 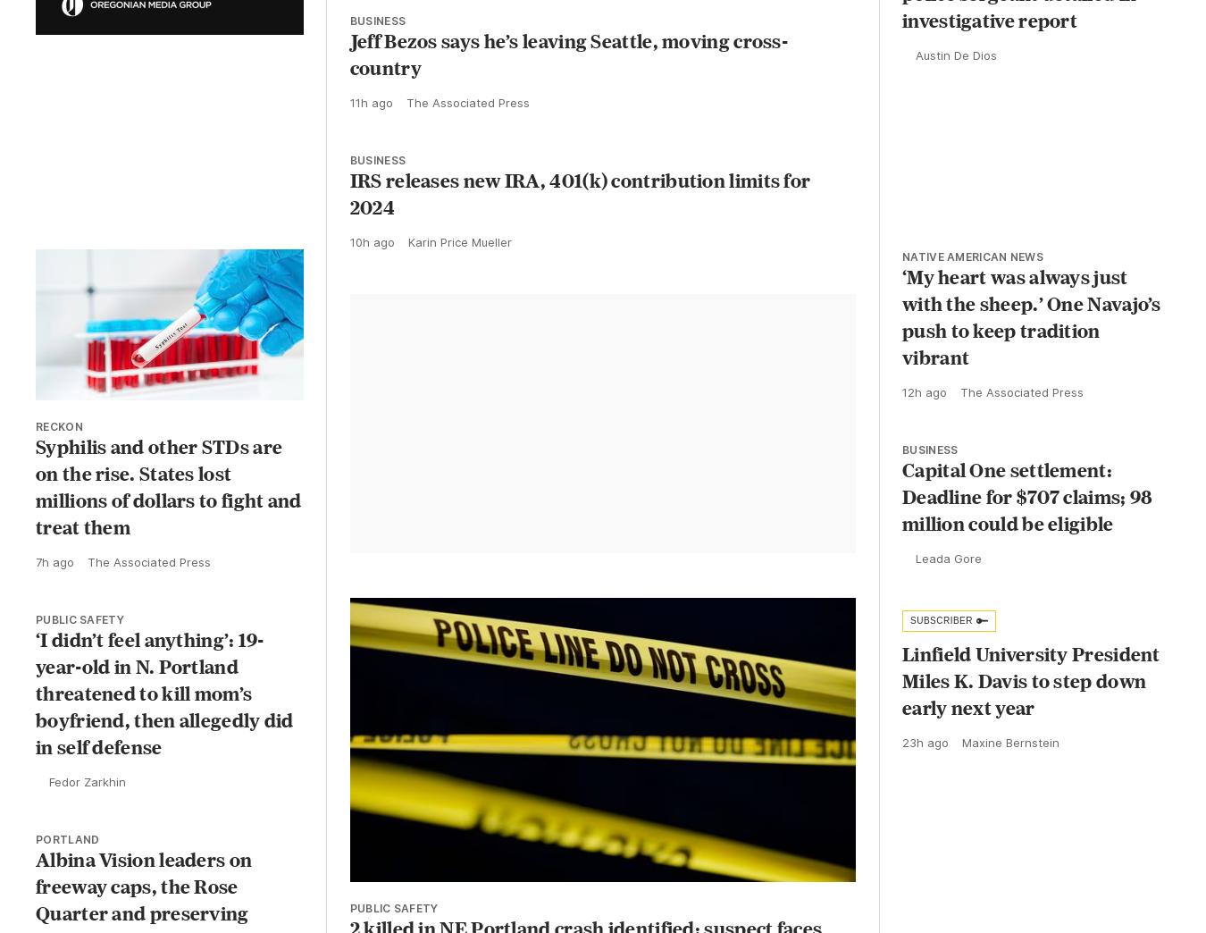 I want to click on '7h ago', so click(x=54, y=560).